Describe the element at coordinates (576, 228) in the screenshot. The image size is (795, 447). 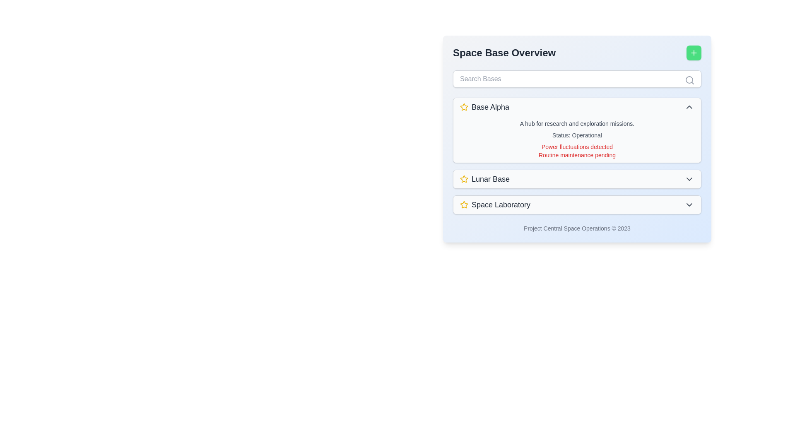
I see `the static text label displaying the copyright notice located at the bottom of the panel under the 'Space Laboratory' section` at that location.